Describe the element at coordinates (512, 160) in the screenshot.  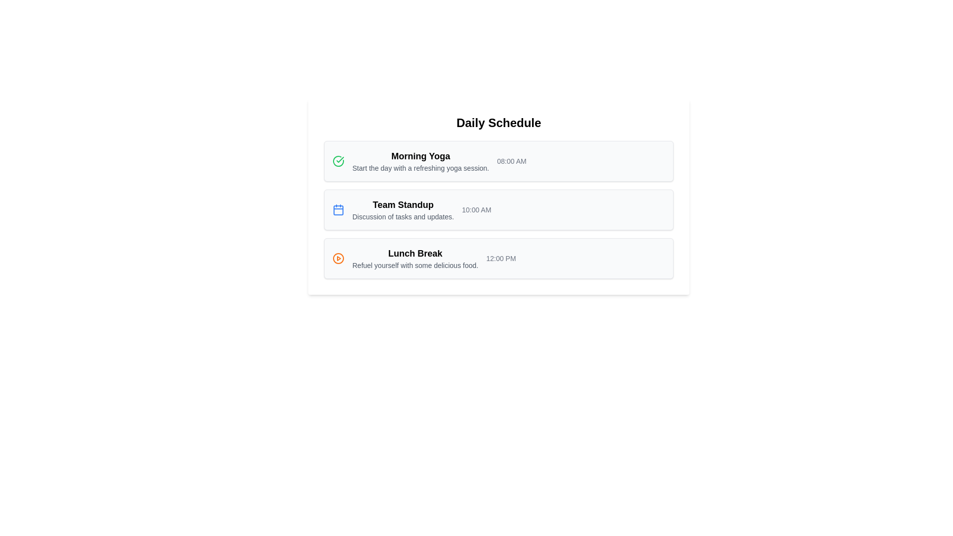
I see `text displayed in the Static Text Display indicating the time for the 'Morning Yoga' event, located at the far-right side of the schedule item` at that location.